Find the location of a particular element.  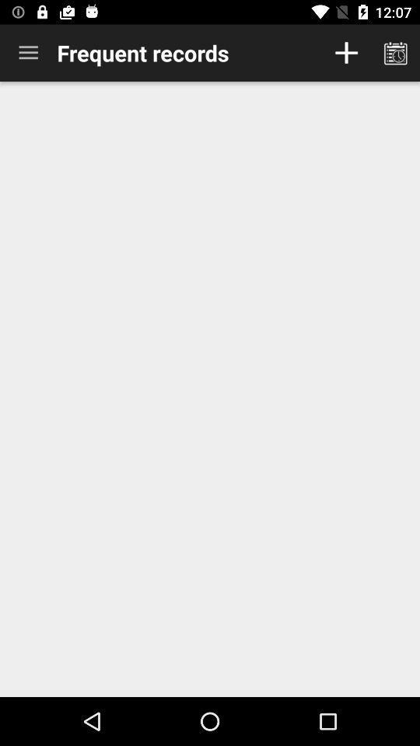

item at the center is located at coordinates (210, 389).